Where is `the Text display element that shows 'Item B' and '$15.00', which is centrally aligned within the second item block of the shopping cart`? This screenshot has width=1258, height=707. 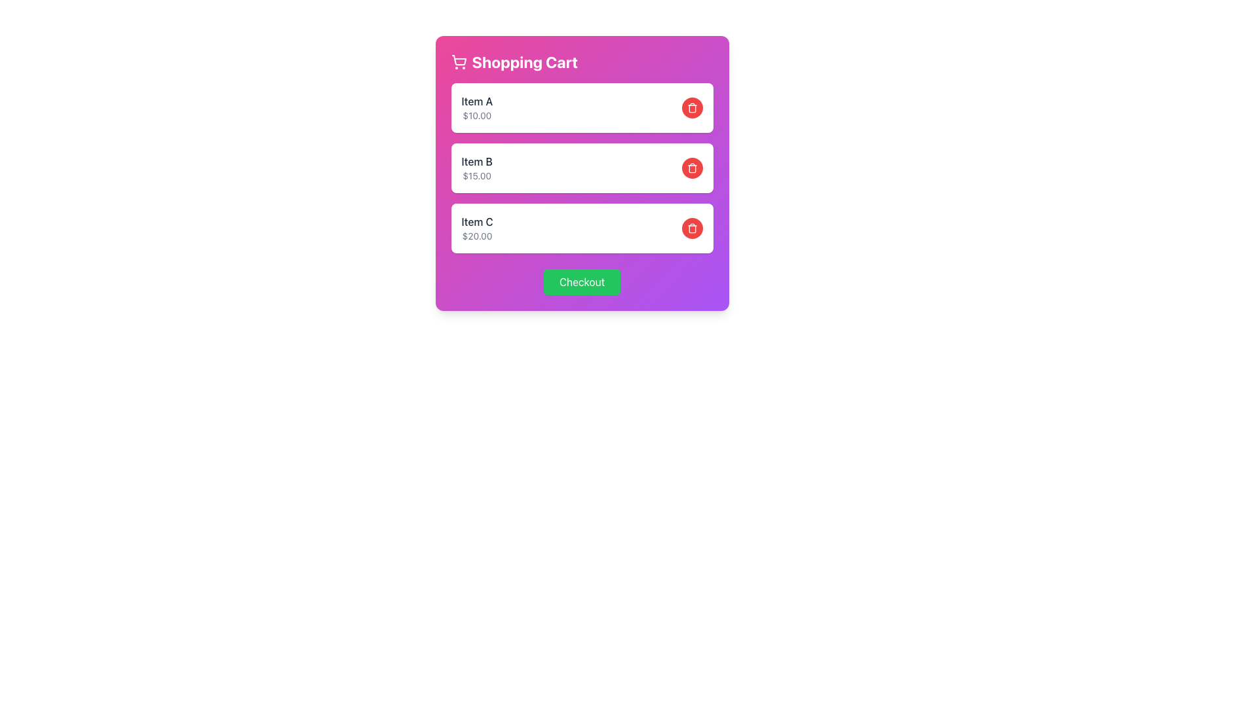 the Text display element that shows 'Item B' and '$15.00', which is centrally aligned within the second item block of the shopping cart is located at coordinates (476, 168).